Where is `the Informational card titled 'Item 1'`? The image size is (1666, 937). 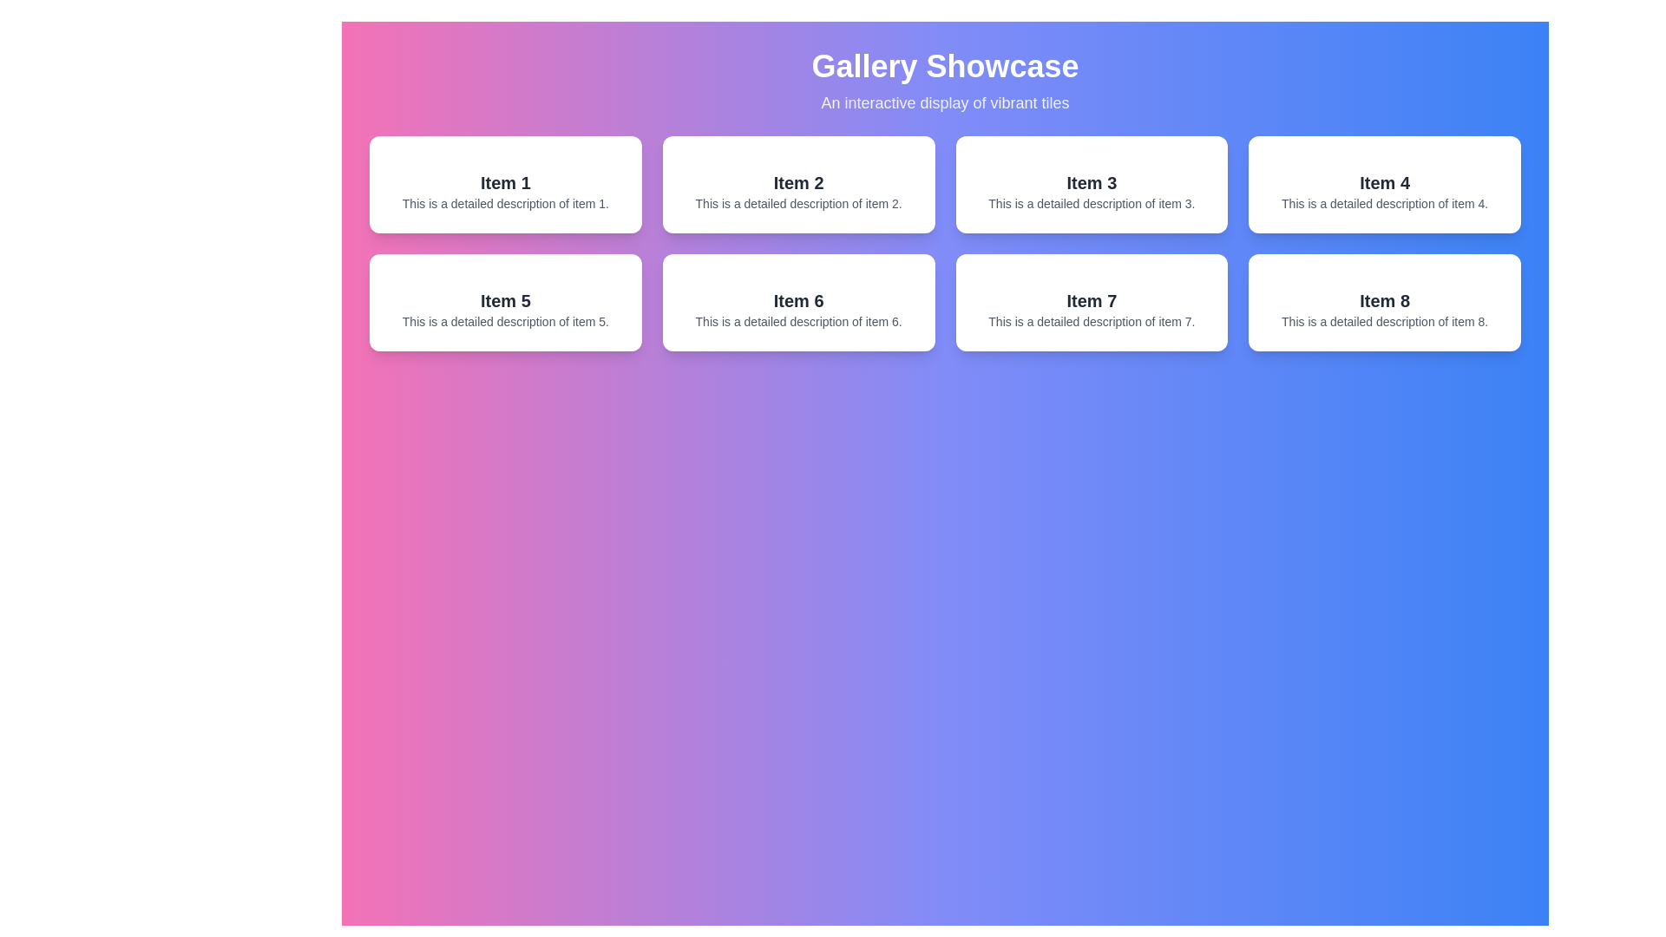
the Informational card titled 'Item 1' is located at coordinates (504, 184).